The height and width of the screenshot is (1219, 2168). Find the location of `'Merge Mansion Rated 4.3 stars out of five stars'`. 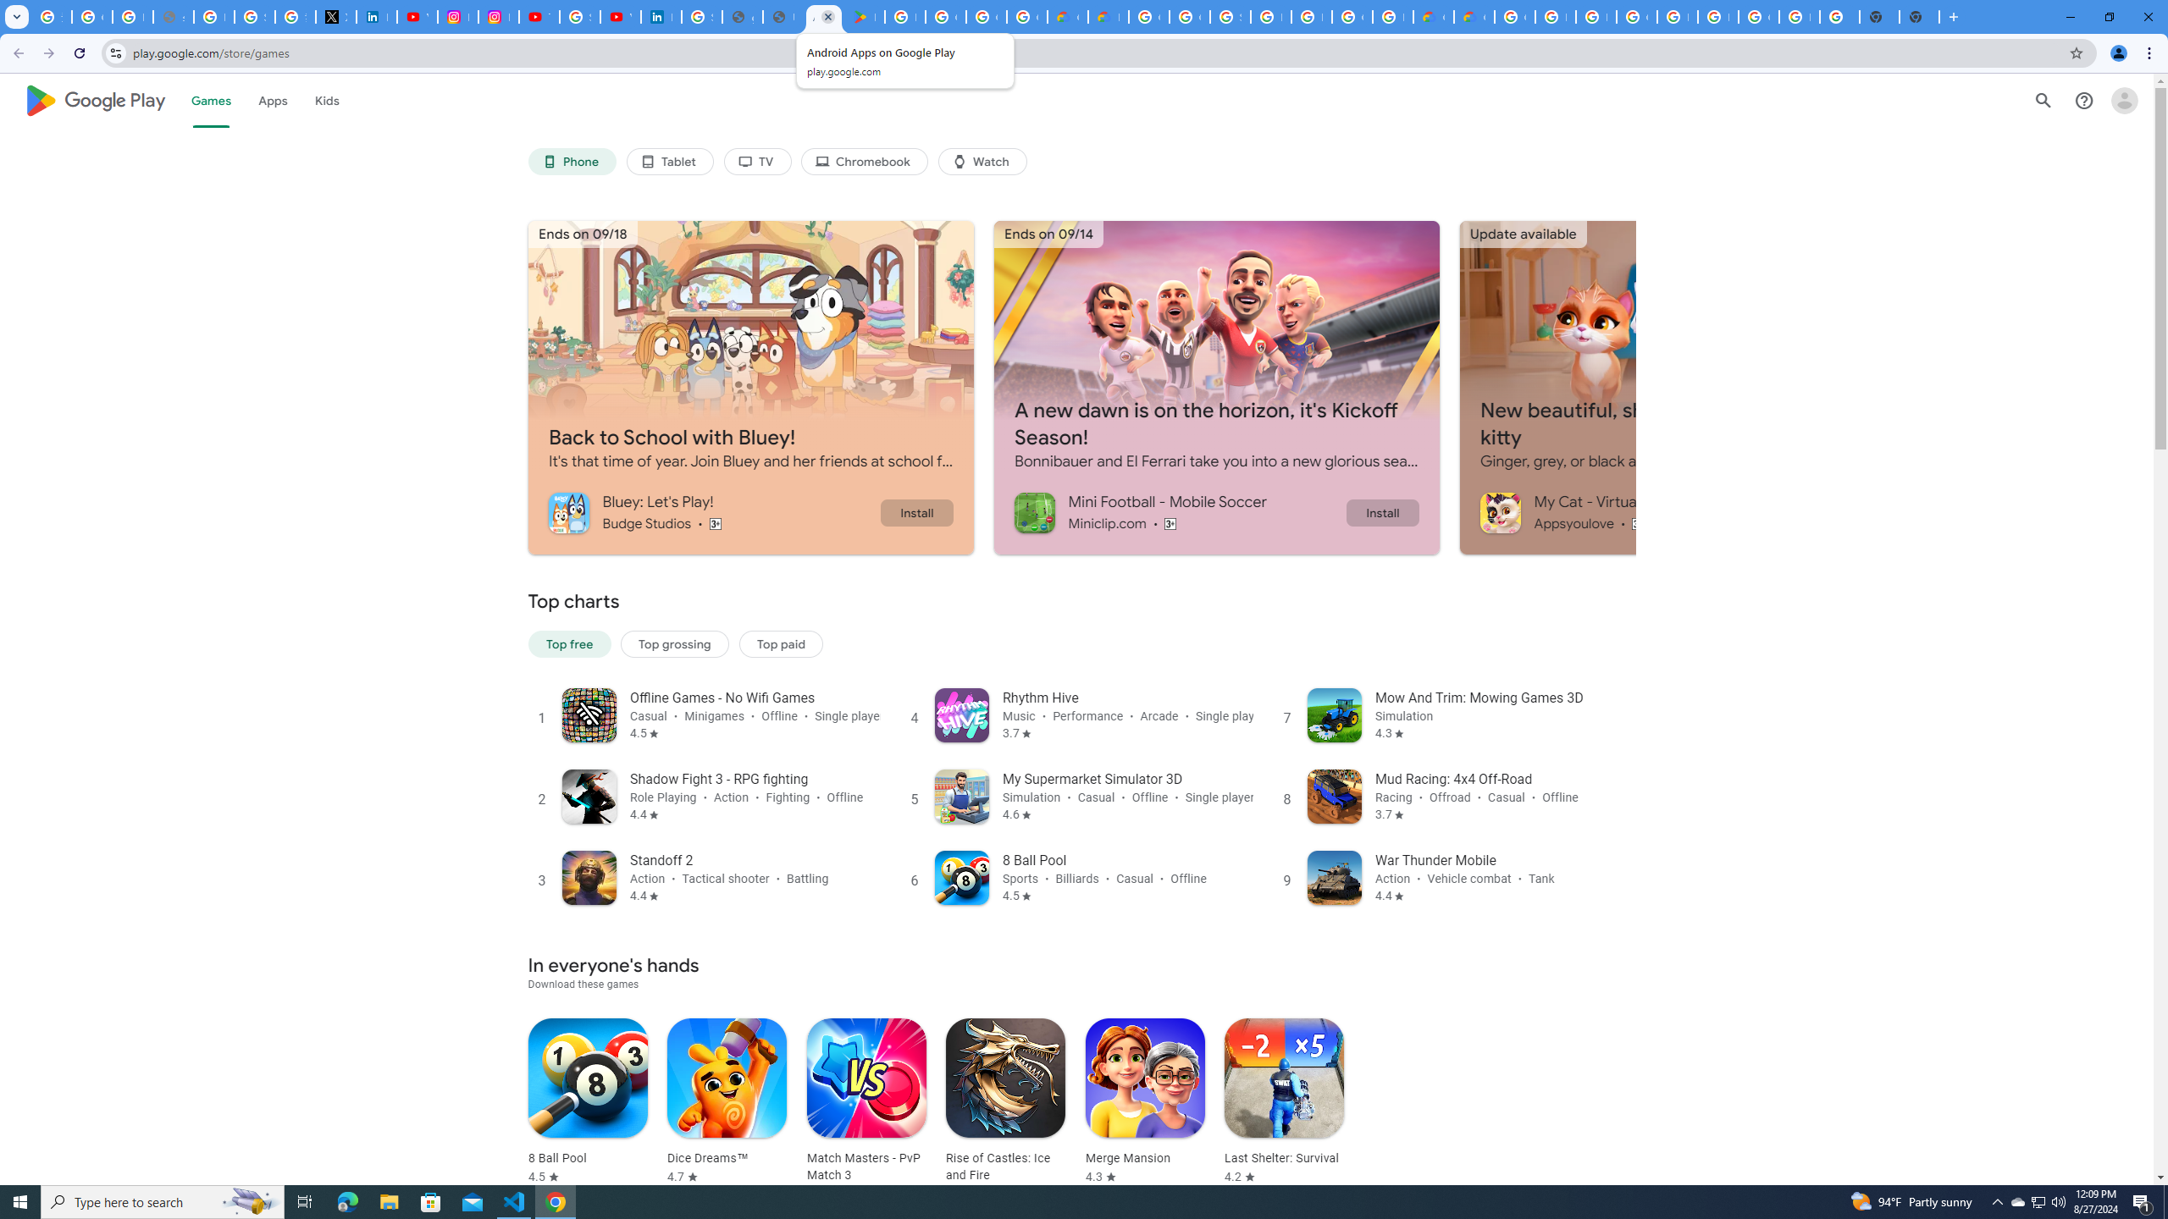

'Merge Mansion Rated 4.3 stars out of five stars' is located at coordinates (1143, 1101).